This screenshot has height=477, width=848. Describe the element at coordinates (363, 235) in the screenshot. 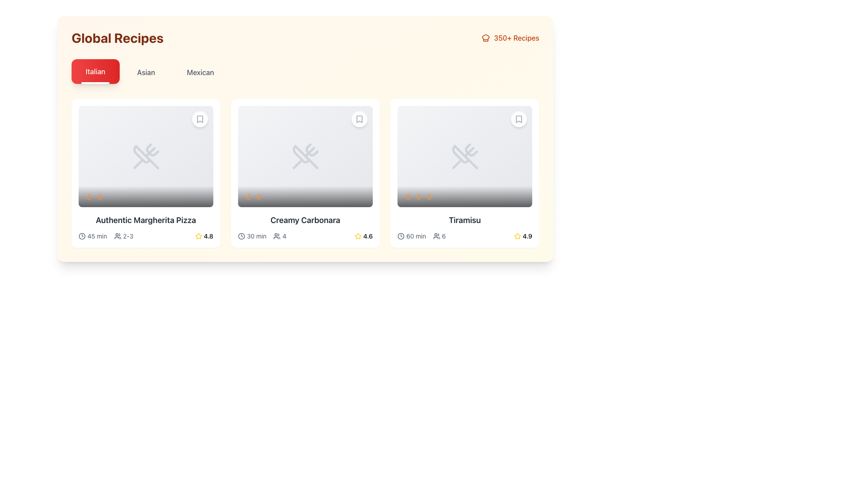

I see `the rating indicator element, which consists of a yellow star icon followed by a numerical rating of '4.6', located in the bottom-right corner of the 'Creamy Carbonara' recipe card, to associate this rating with the corresponding recipe` at that location.